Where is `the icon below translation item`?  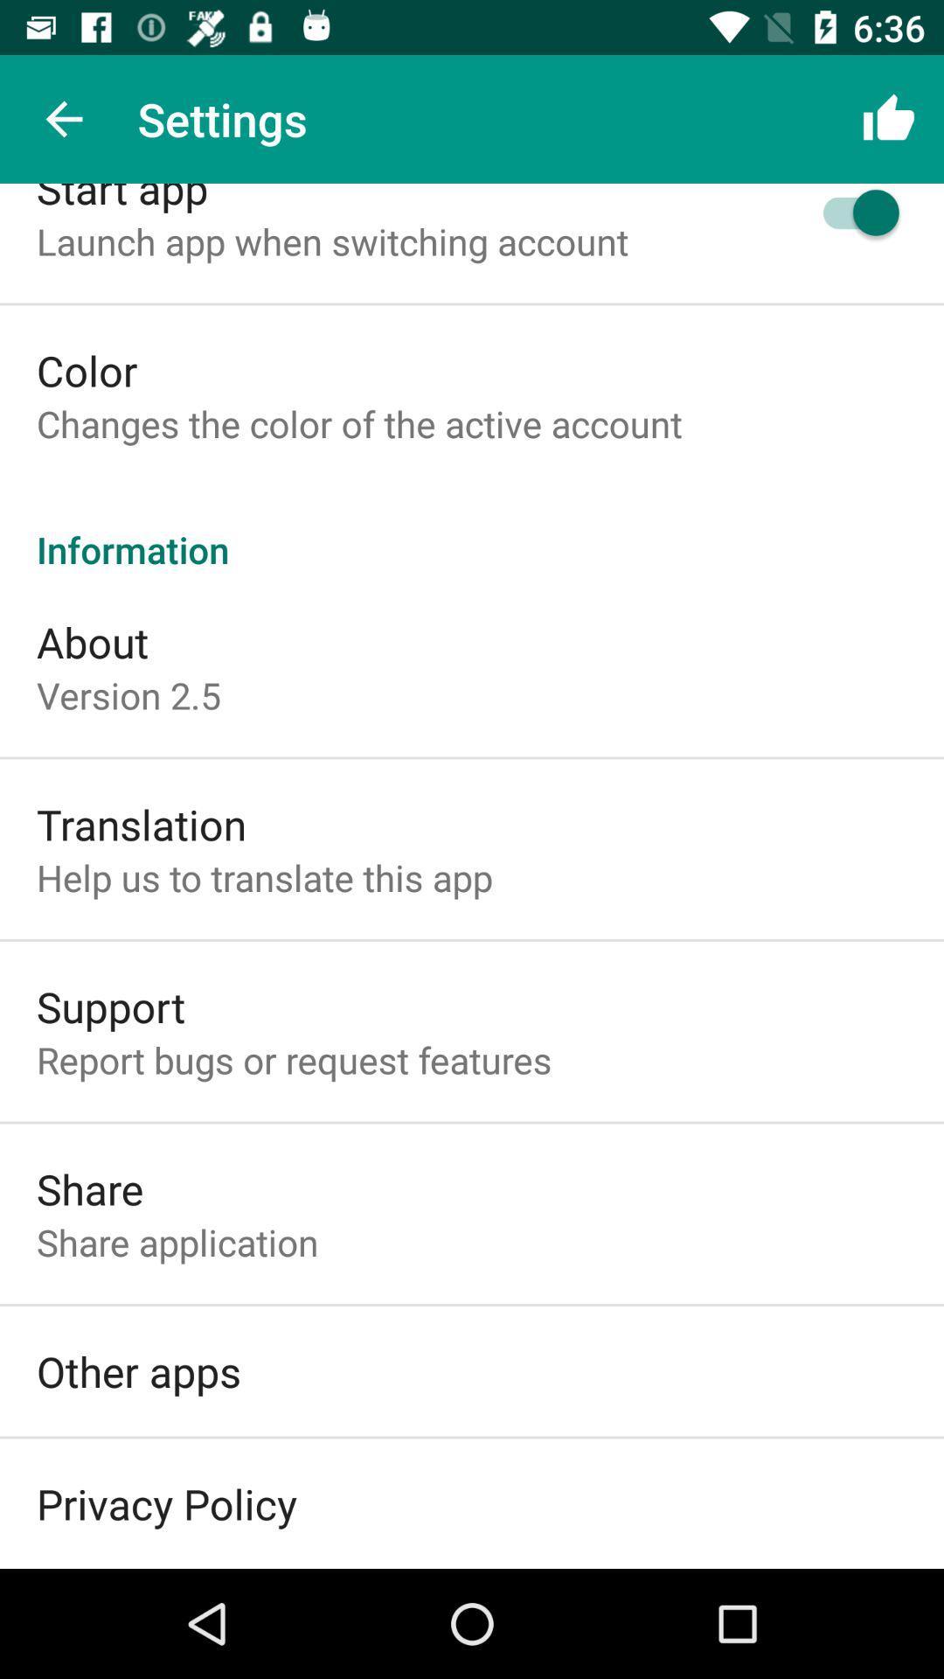 the icon below translation item is located at coordinates (265, 877).